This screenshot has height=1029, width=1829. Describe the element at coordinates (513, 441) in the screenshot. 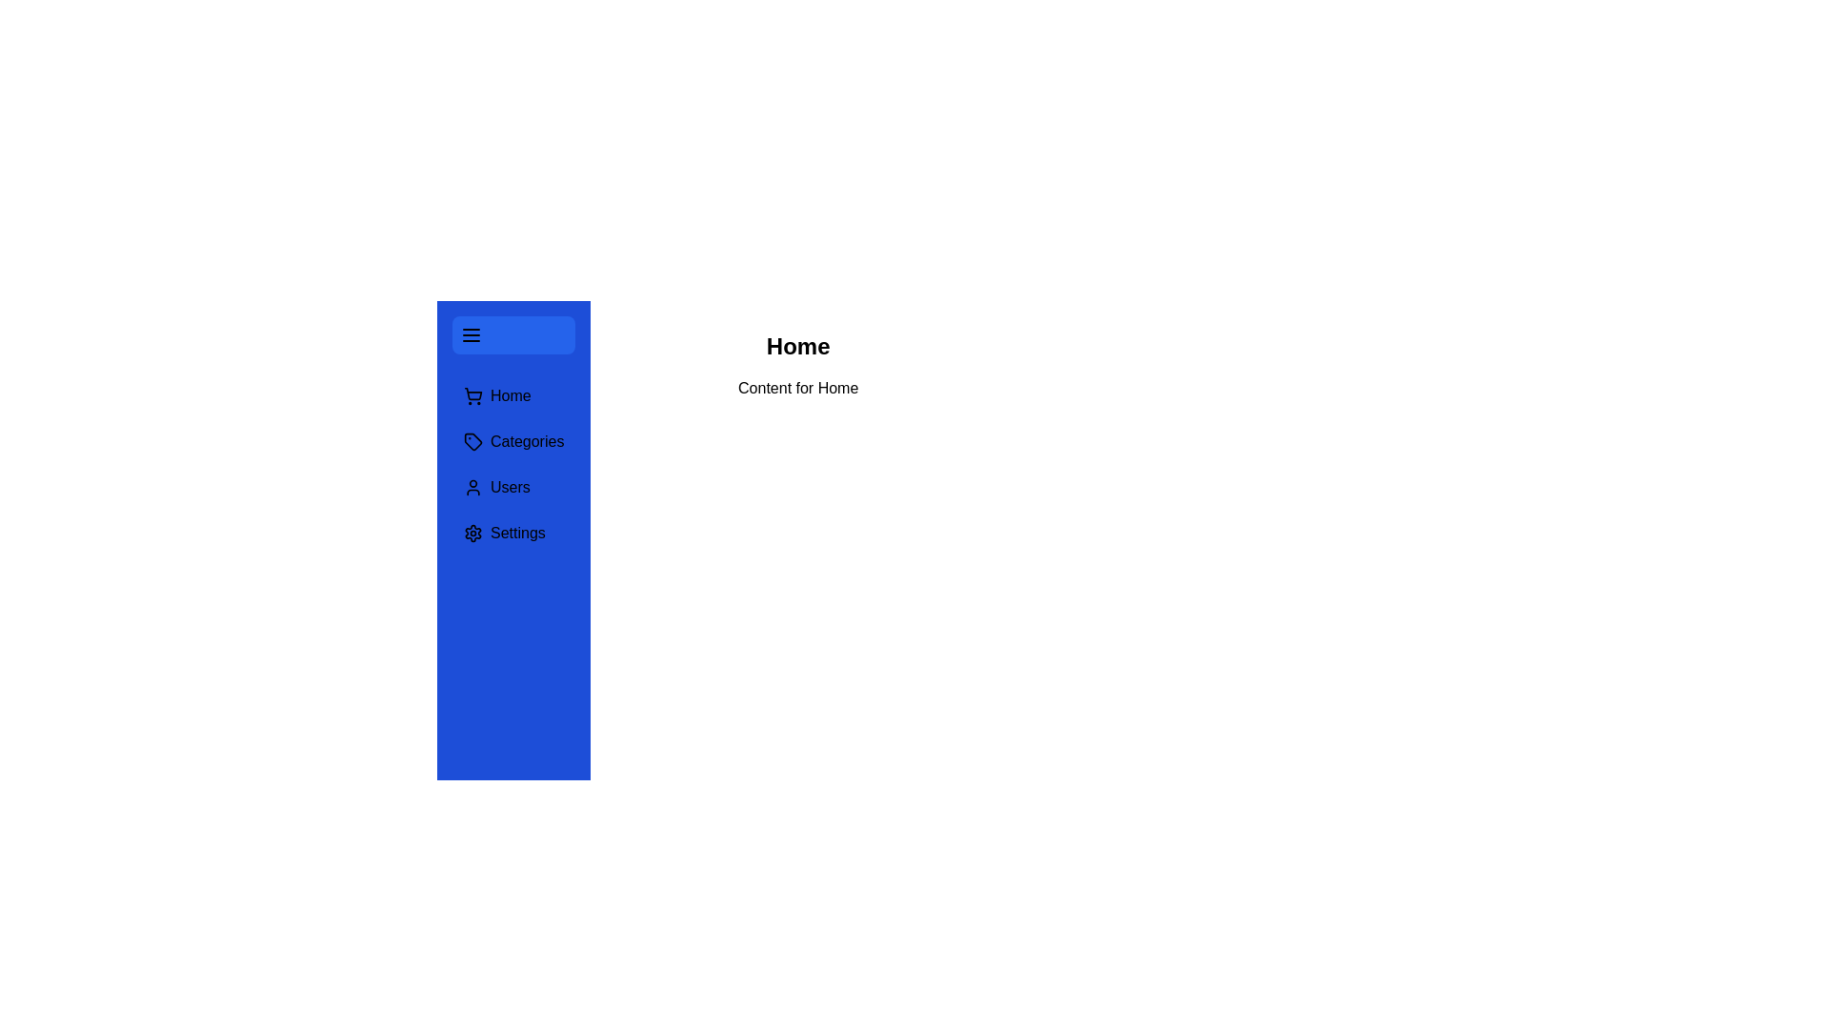

I see `the Categories section from the menu` at that location.